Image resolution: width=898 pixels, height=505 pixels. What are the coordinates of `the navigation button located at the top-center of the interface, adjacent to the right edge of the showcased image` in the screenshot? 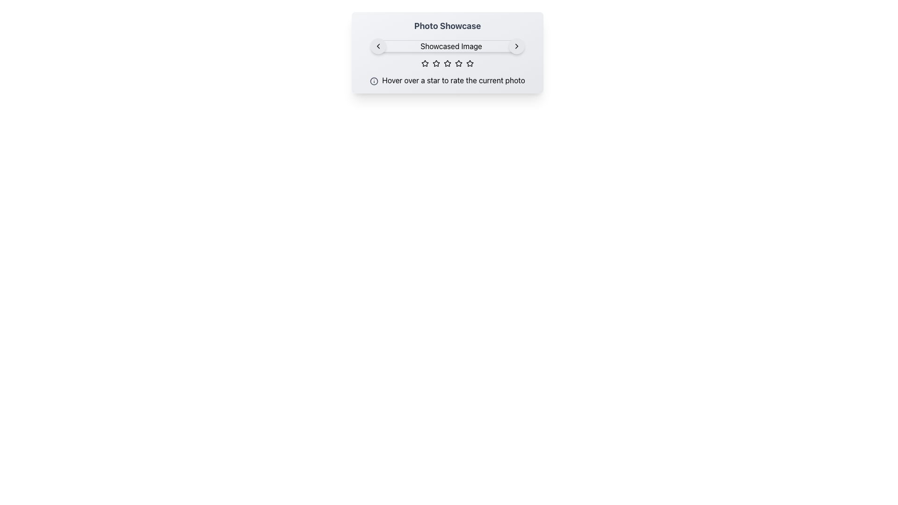 It's located at (516, 46).